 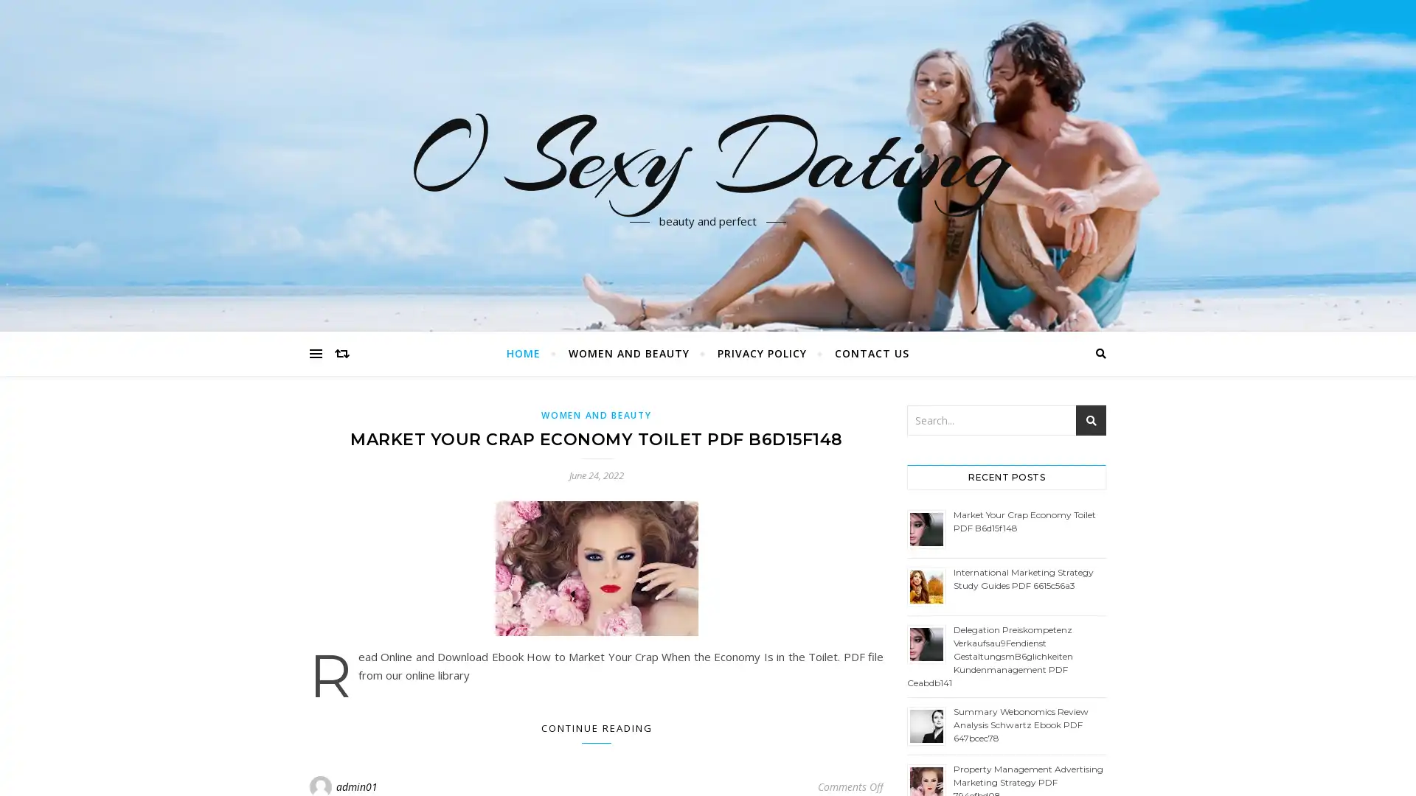 I want to click on st, so click(x=1091, y=420).